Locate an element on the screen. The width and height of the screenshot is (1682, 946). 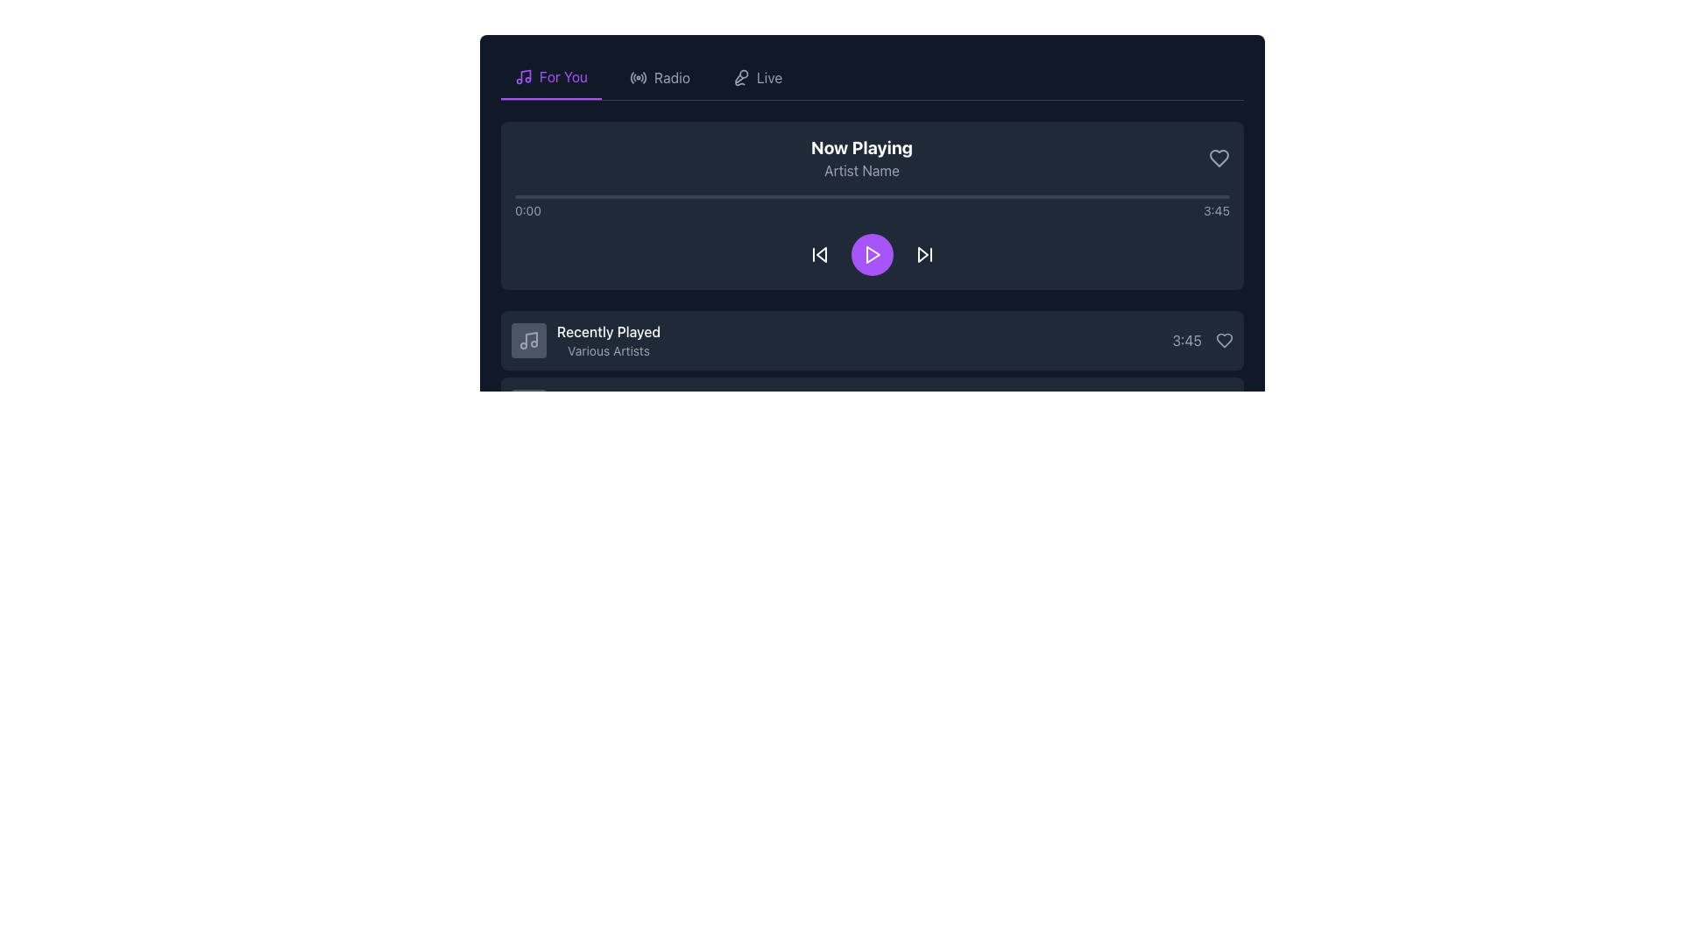
the left-pointing triangular arrow icon button to skip to the previous track, which is located in the playback control section adjacent to the central play button is located at coordinates (820, 254).